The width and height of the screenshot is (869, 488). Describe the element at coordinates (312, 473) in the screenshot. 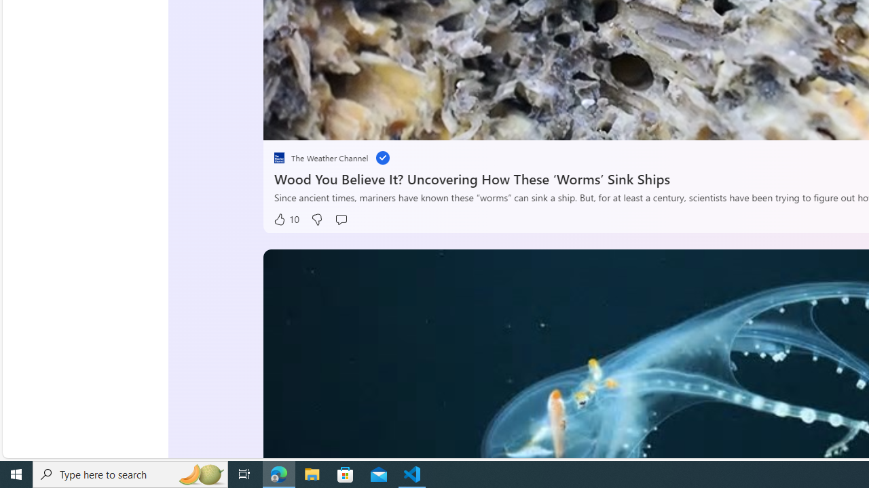

I see `'File Explorer'` at that location.